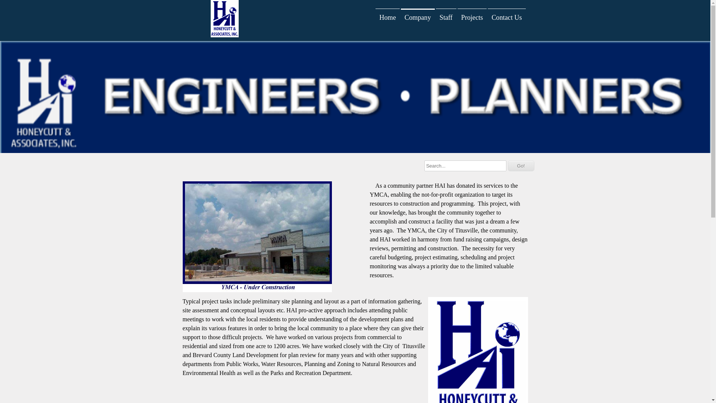  I want to click on 'Contact Us', so click(506, 17).